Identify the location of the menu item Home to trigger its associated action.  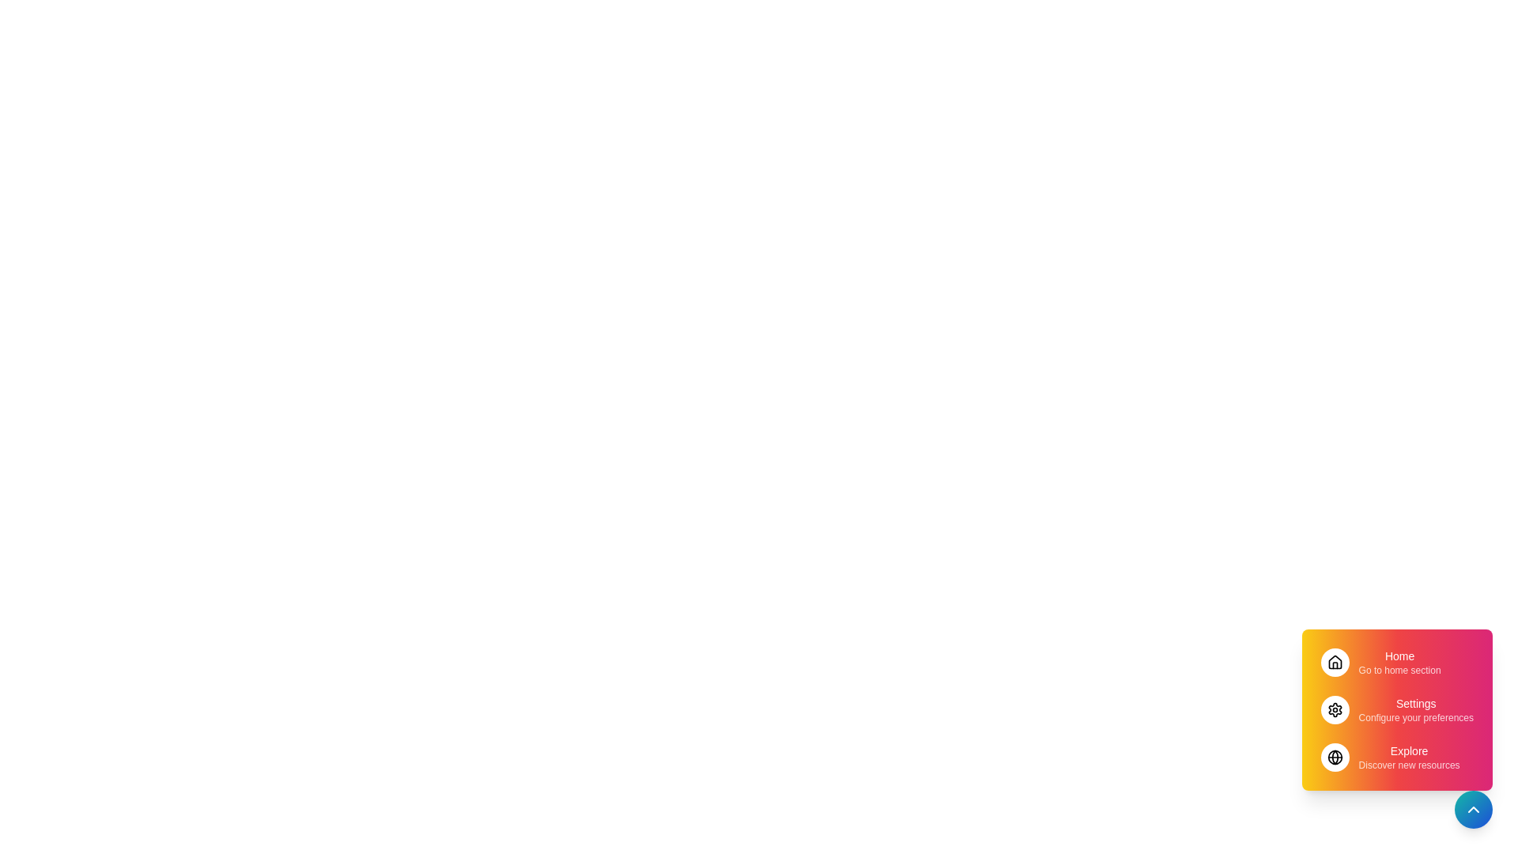
(1396, 662).